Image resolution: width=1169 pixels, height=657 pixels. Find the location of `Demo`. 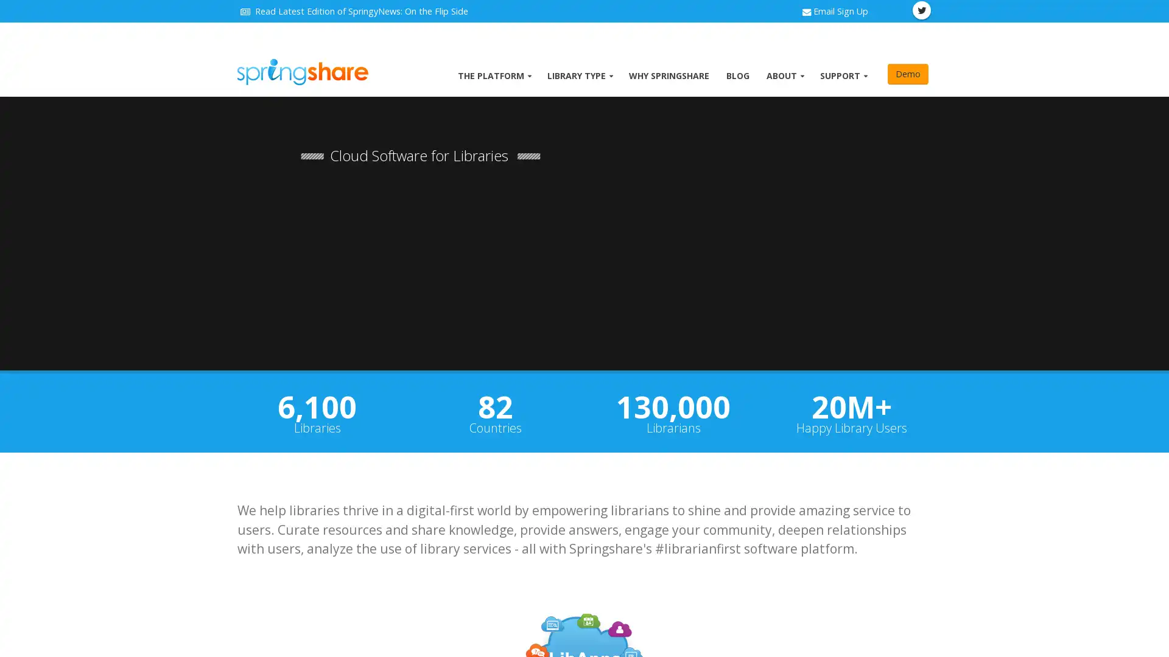

Demo is located at coordinates (908, 74).